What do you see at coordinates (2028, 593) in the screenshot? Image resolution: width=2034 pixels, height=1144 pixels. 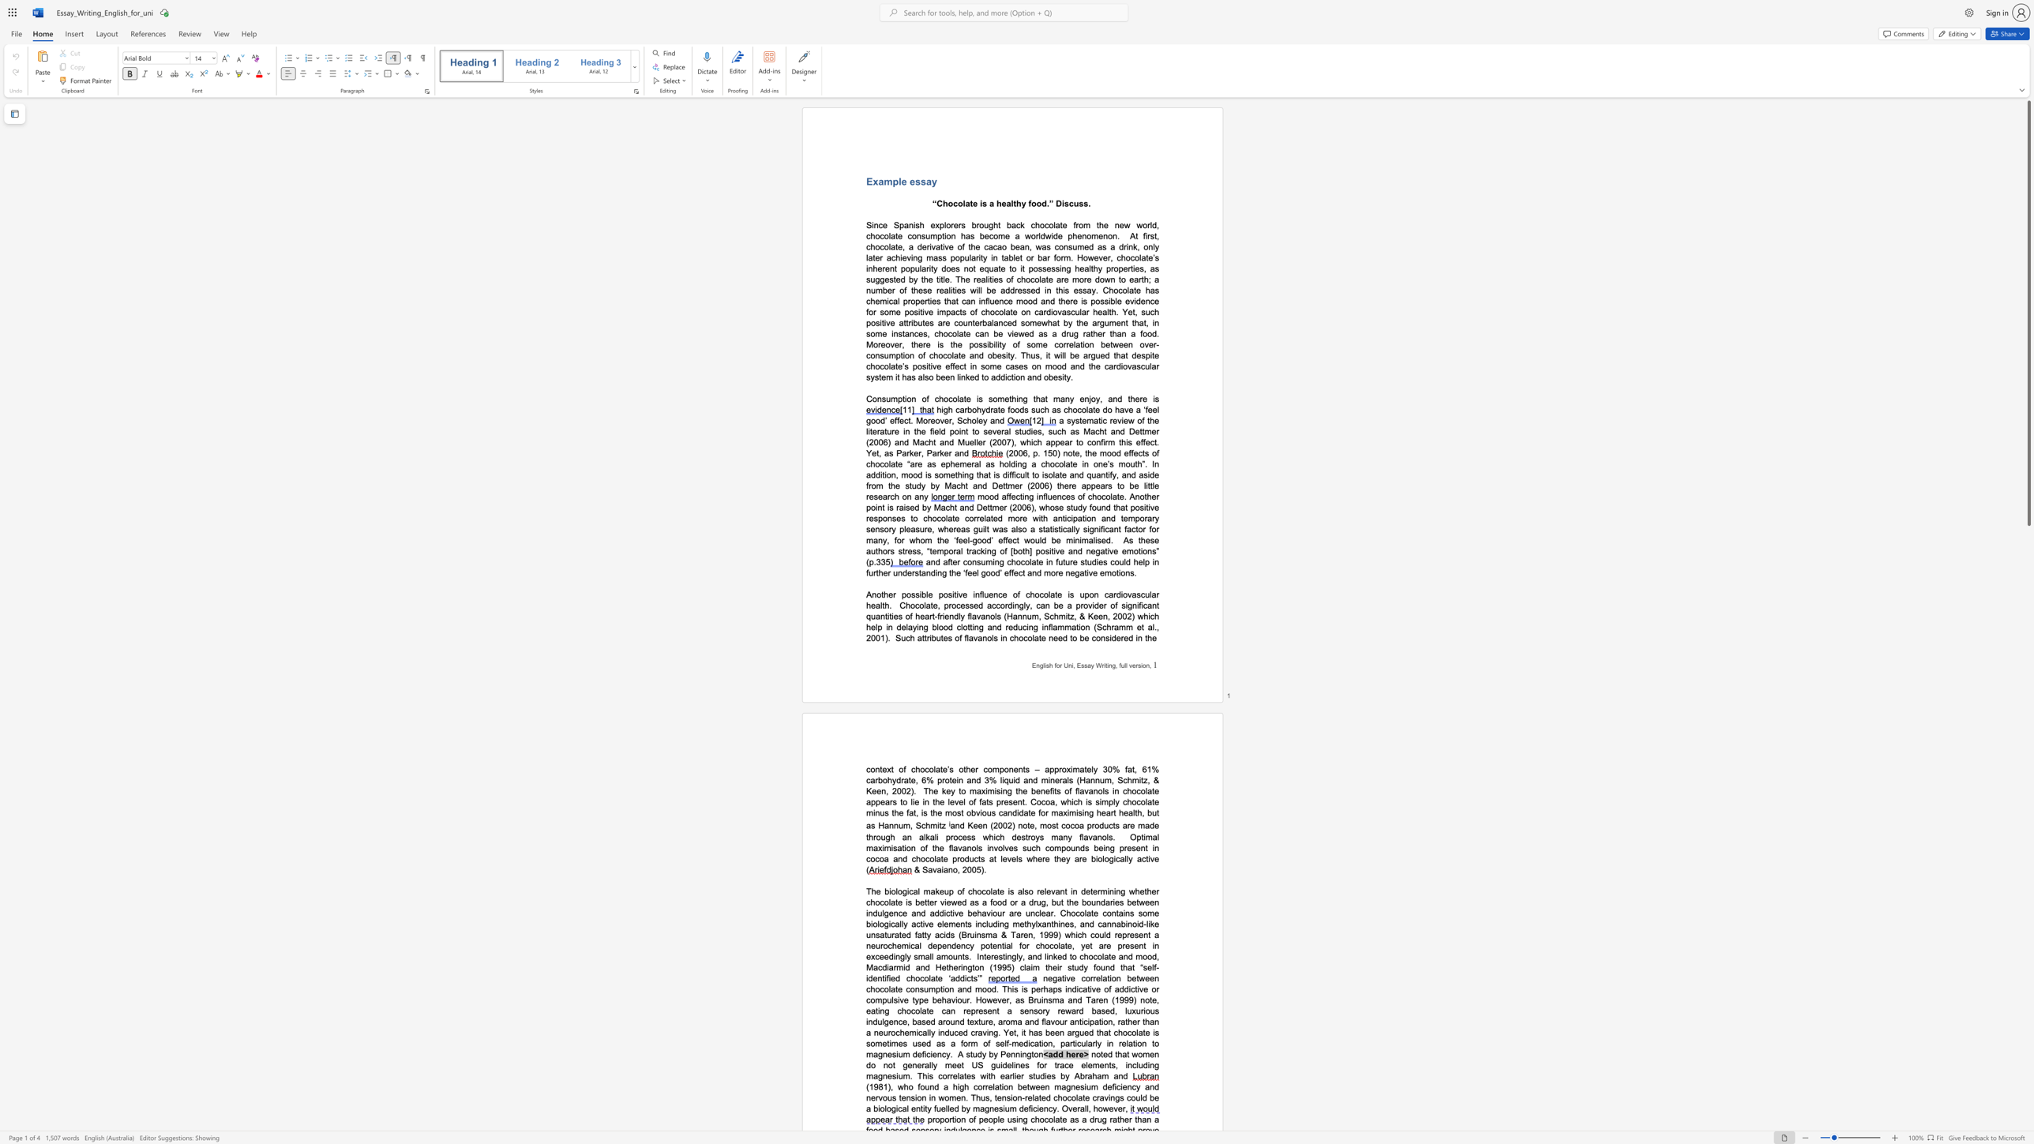 I see `the scrollbar to move the page down` at bounding box center [2028, 593].